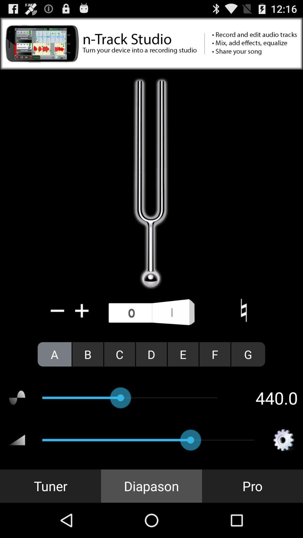  Describe the element at coordinates (119, 354) in the screenshot. I see `the radio button to the left of d radio button` at that location.